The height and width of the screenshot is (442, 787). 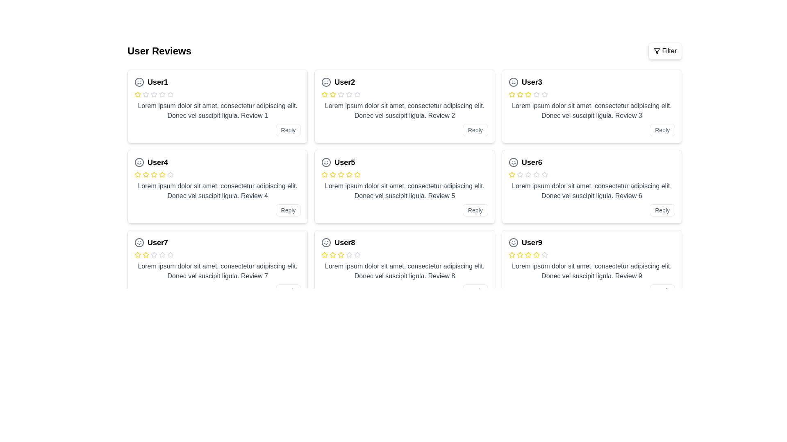 What do you see at coordinates (288, 210) in the screenshot?
I see `the reply button located at the bottom-right corner of the review card associated with 'User4' to initiate a reply` at bounding box center [288, 210].